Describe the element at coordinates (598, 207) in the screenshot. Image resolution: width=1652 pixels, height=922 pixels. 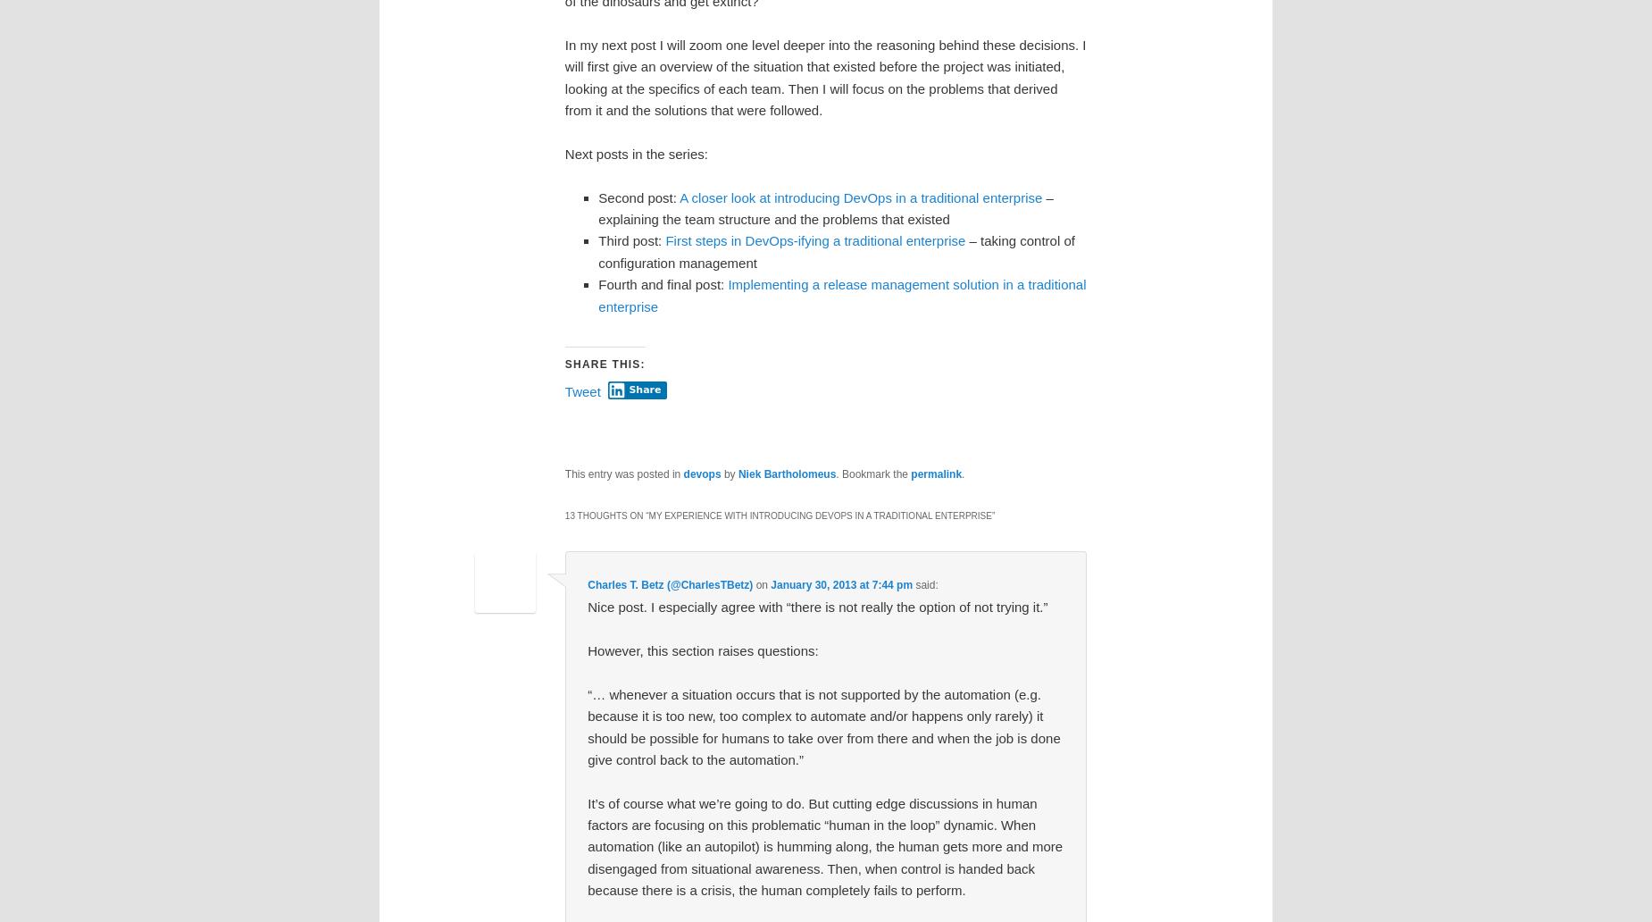
I see `'– explaining the team structure and the problems that existed'` at that location.